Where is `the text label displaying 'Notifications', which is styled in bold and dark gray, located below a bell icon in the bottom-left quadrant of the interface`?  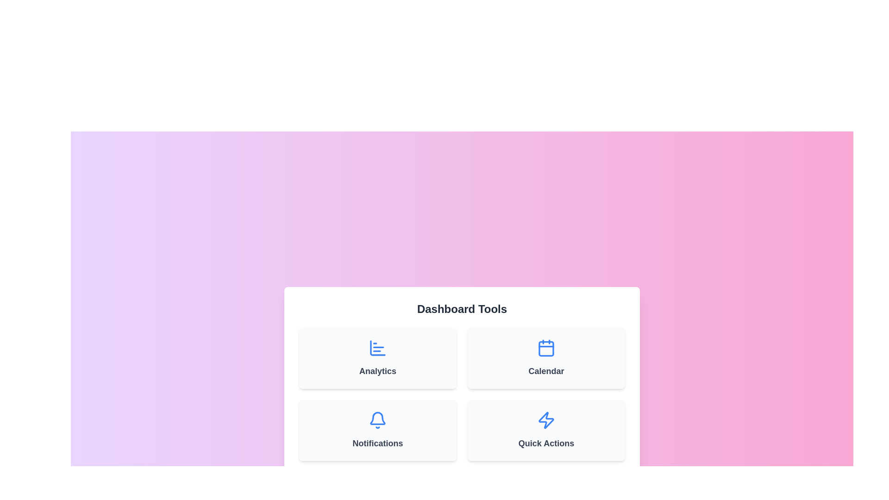
the text label displaying 'Notifications', which is styled in bold and dark gray, located below a bell icon in the bottom-left quadrant of the interface is located at coordinates (378, 443).